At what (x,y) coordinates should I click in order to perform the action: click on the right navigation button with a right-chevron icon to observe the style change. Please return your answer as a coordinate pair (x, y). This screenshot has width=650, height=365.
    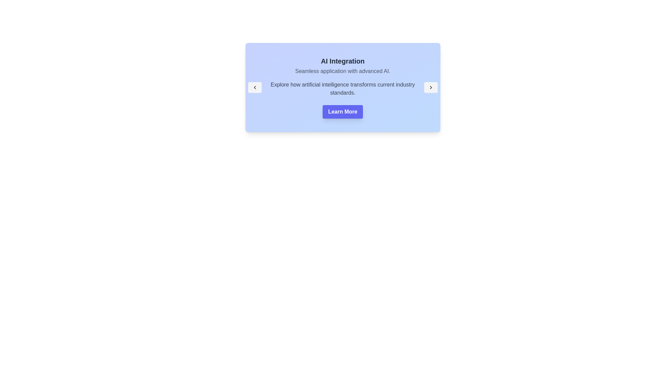
    Looking at the image, I should click on (430, 87).